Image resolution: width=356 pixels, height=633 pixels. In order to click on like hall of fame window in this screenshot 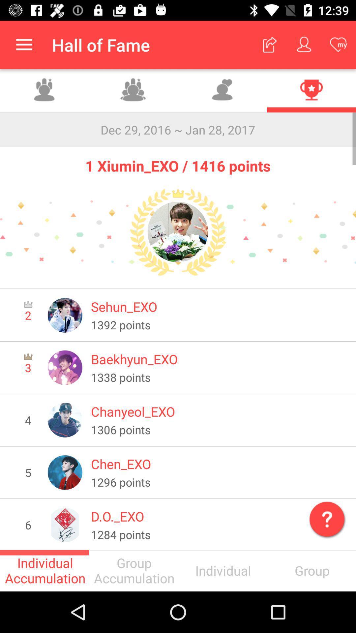, I will do `click(222, 90)`.